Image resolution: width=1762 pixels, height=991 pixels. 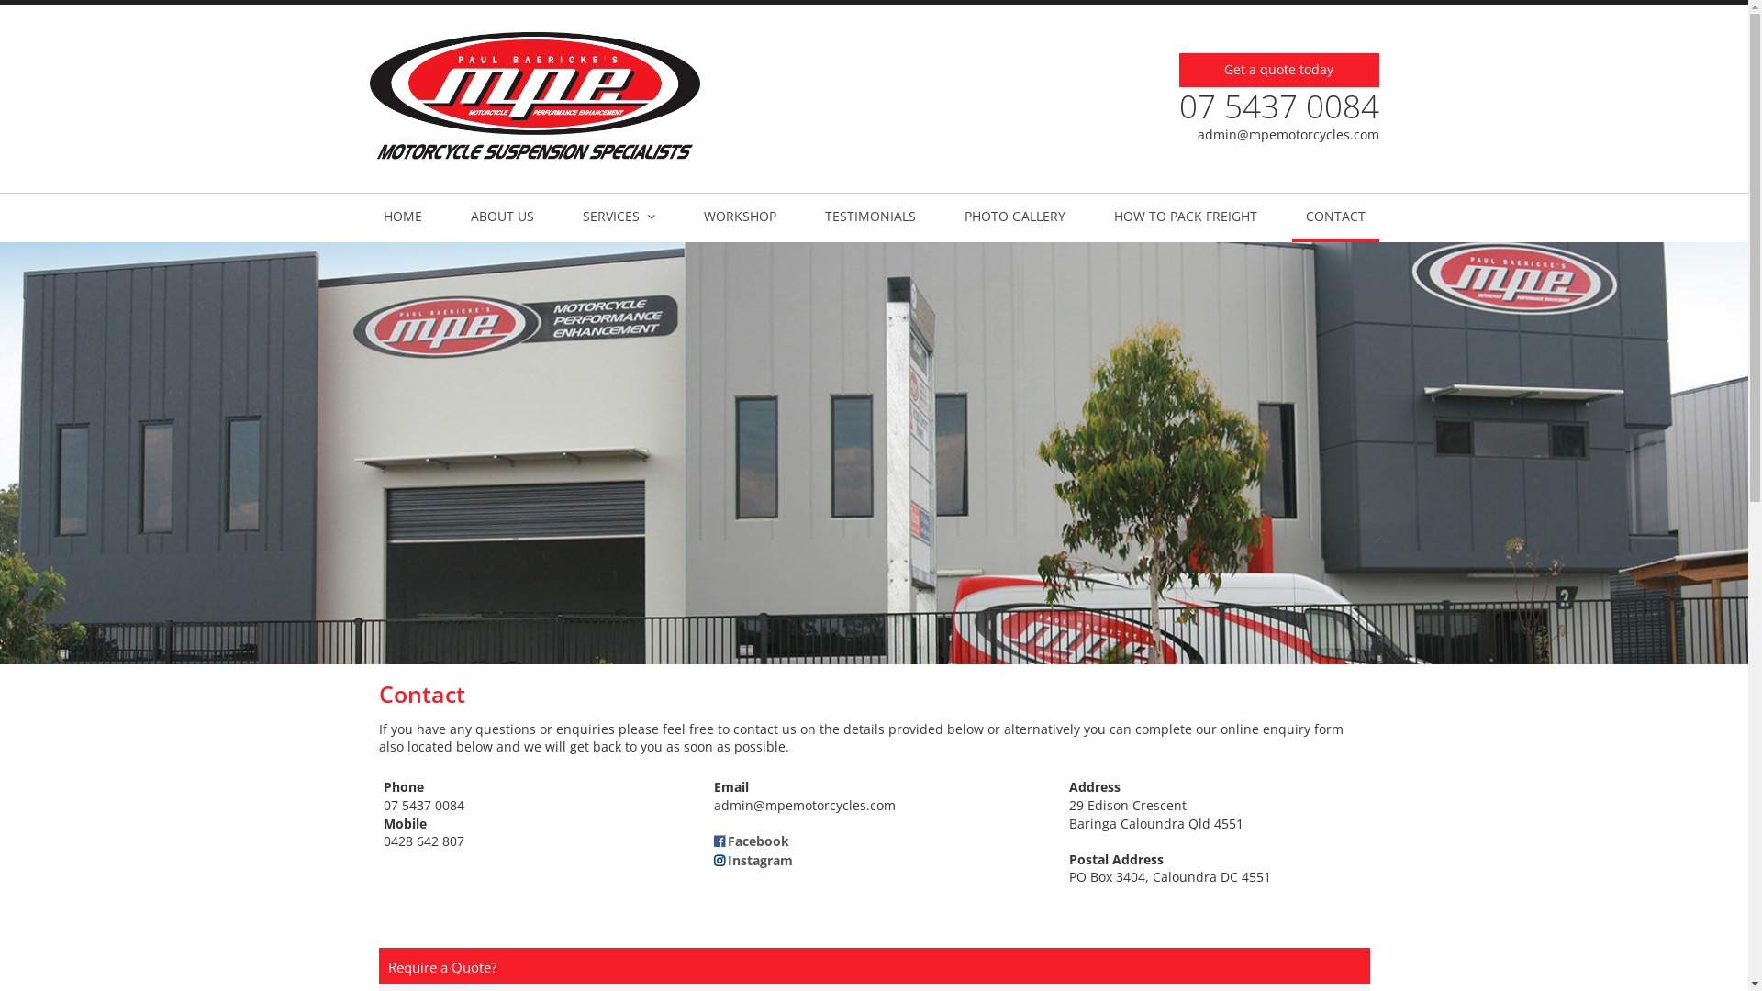 What do you see at coordinates (502, 217) in the screenshot?
I see `'ABOUT US'` at bounding box center [502, 217].